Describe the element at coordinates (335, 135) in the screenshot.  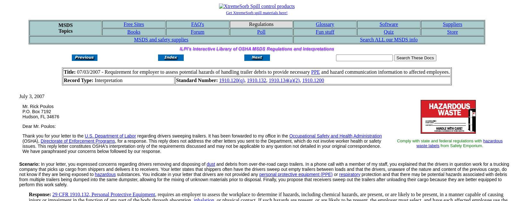
I see `'Occupational Safety and Health Administration'` at that location.